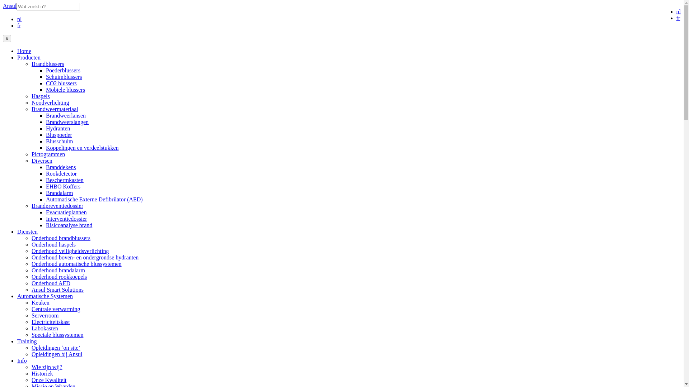  I want to click on 'Interventiedossier', so click(66, 218).